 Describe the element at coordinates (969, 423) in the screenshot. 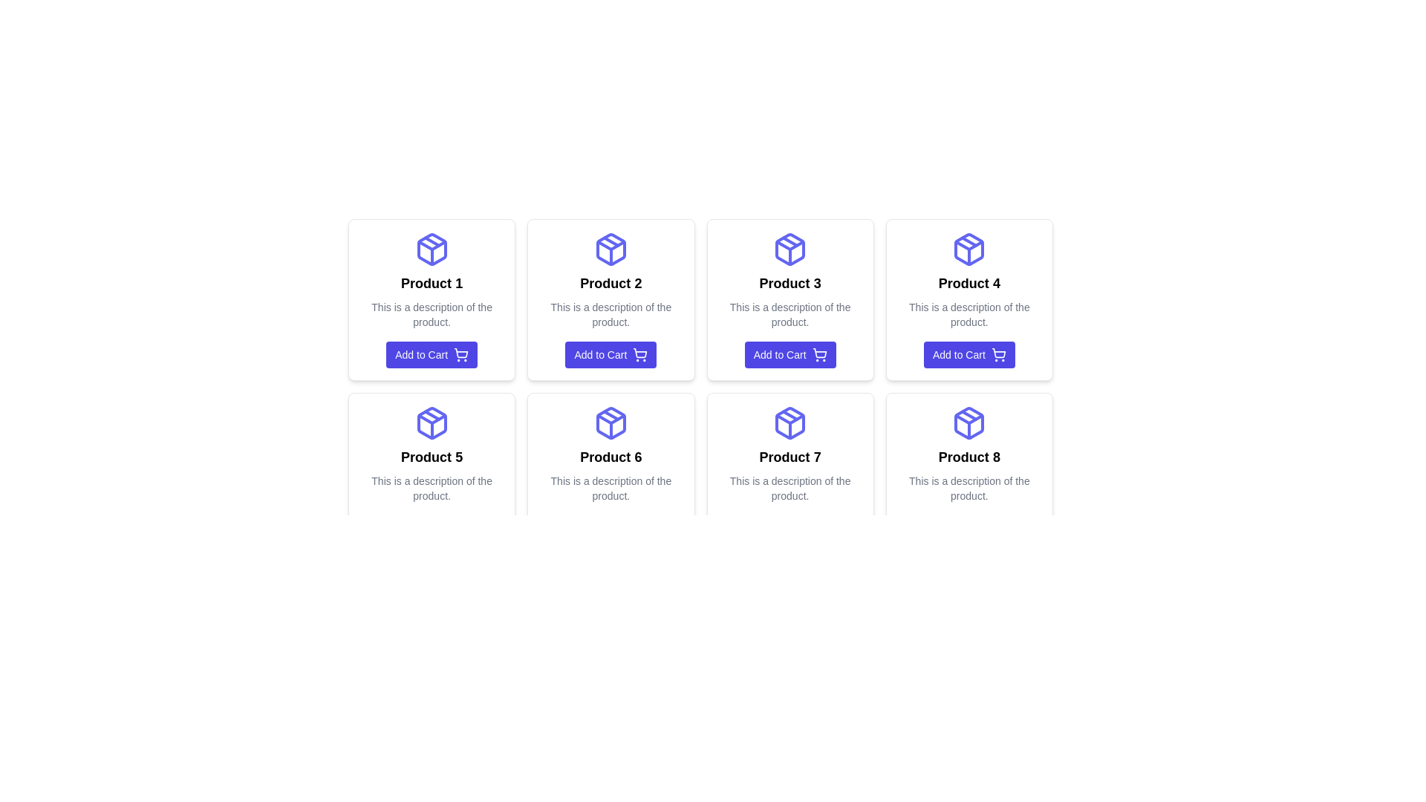

I see `the product icon located at the top of the 'Product 8' card, which is centrally positioned above the title text within the card` at that location.